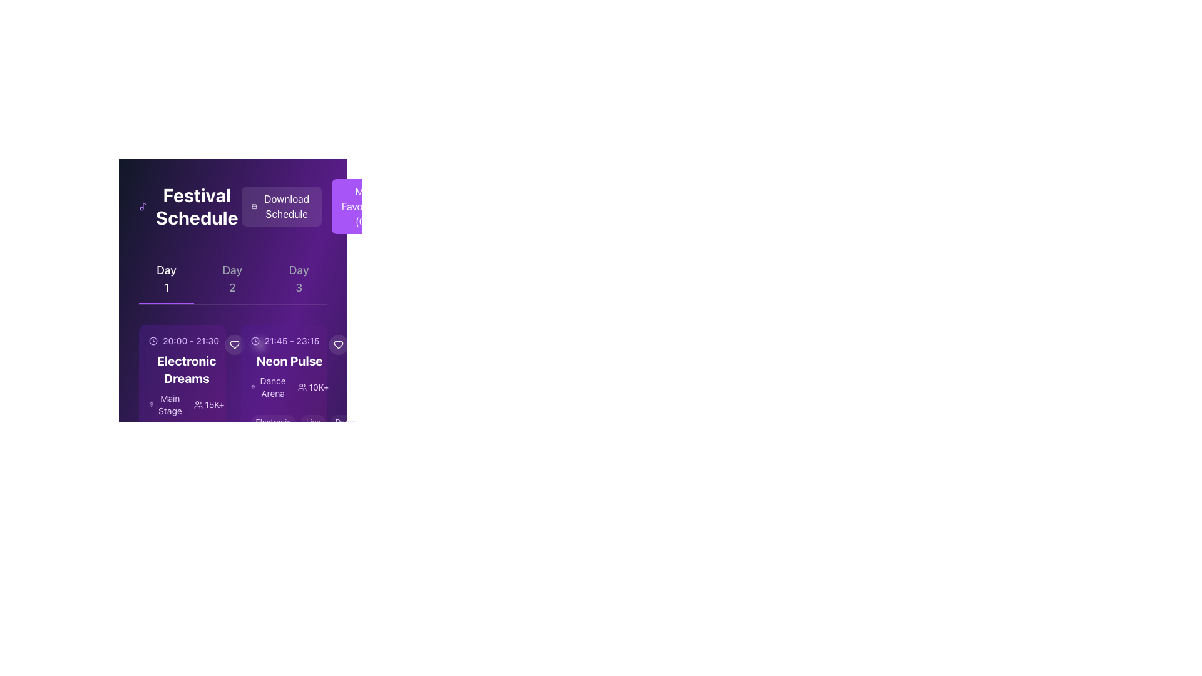 Image resolution: width=1202 pixels, height=676 pixels. I want to click on the 'Day 2' tab, so click(233, 279).